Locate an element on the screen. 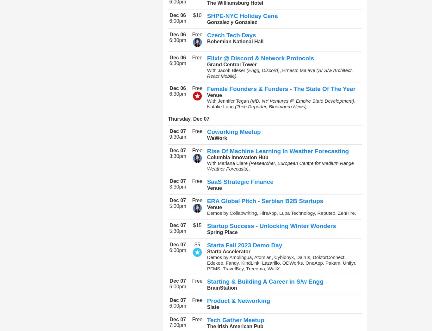 This screenshot has height=331, width=432. 'Grand Central Tower' is located at coordinates (231, 64).